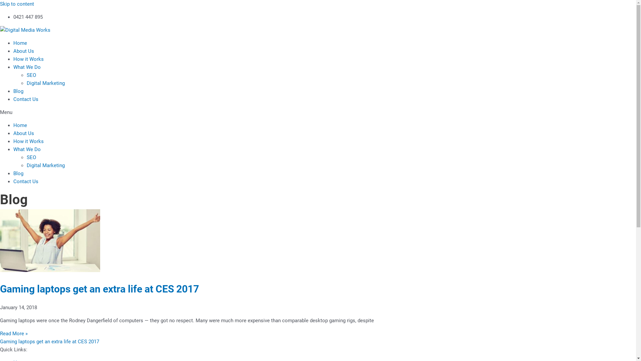  What do you see at coordinates (18, 91) in the screenshot?
I see `'Blog'` at bounding box center [18, 91].